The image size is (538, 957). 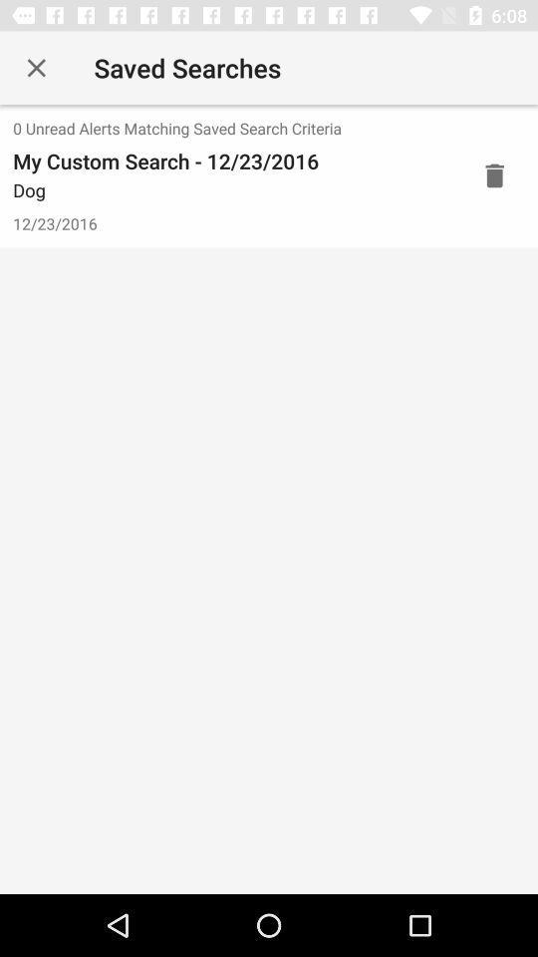 What do you see at coordinates (493, 174) in the screenshot?
I see `a trashcan for deleting searches` at bounding box center [493, 174].